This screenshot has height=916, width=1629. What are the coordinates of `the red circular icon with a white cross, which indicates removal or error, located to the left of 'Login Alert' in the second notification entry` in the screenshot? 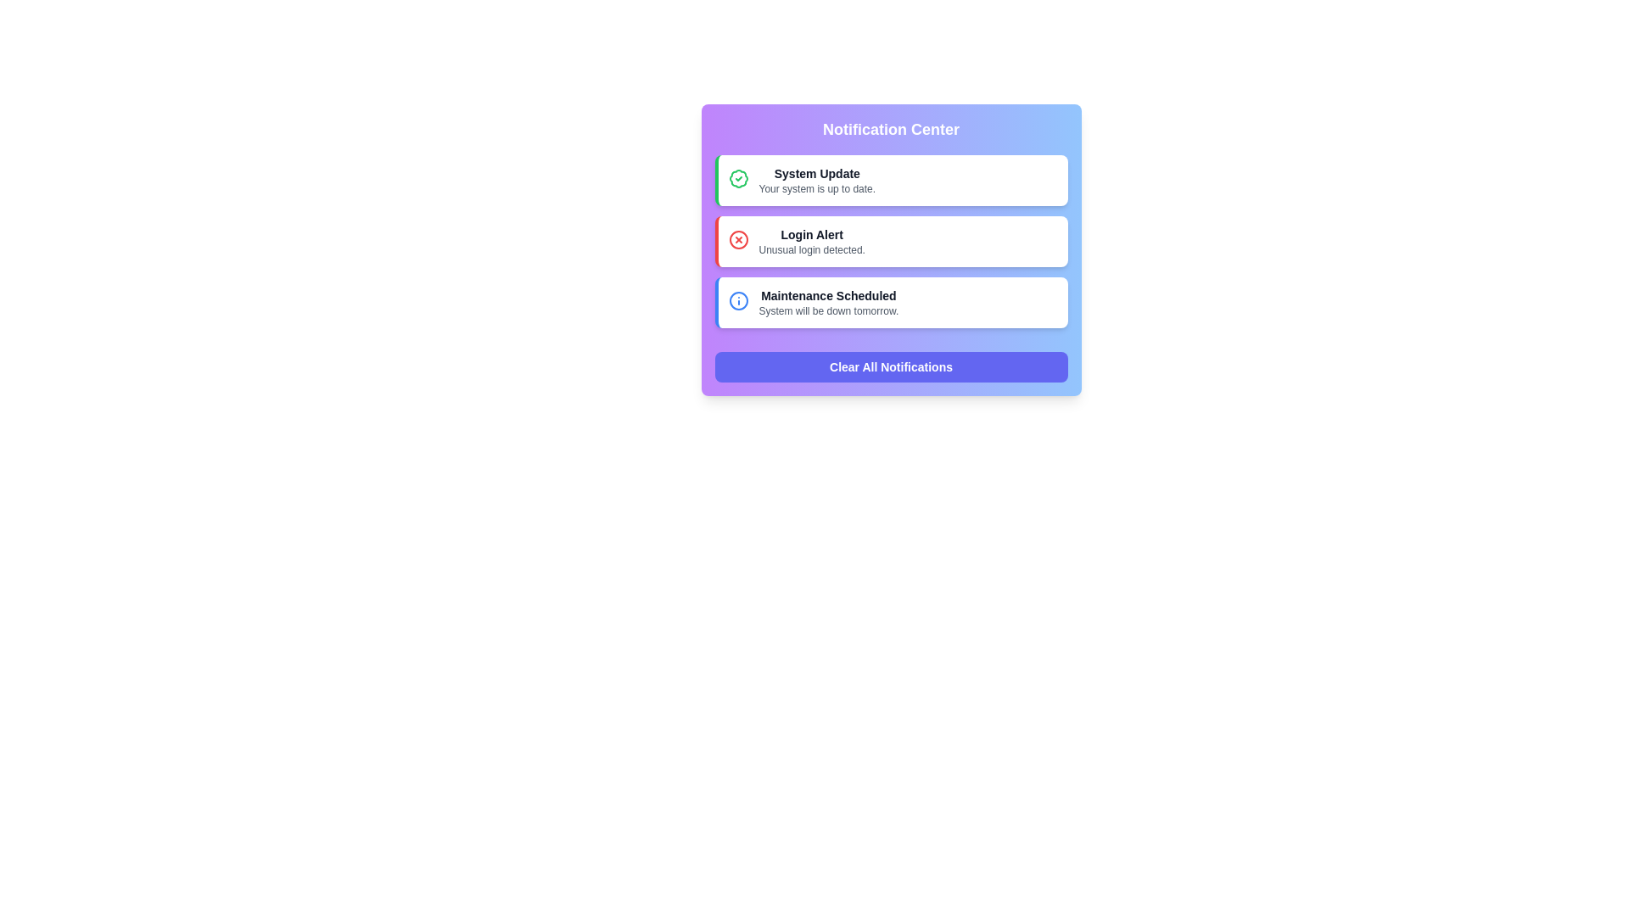 It's located at (738, 239).